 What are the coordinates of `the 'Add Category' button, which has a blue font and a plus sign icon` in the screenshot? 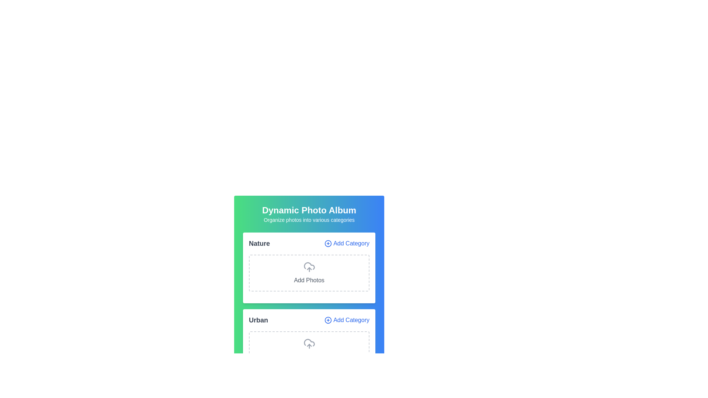 It's located at (346, 243).